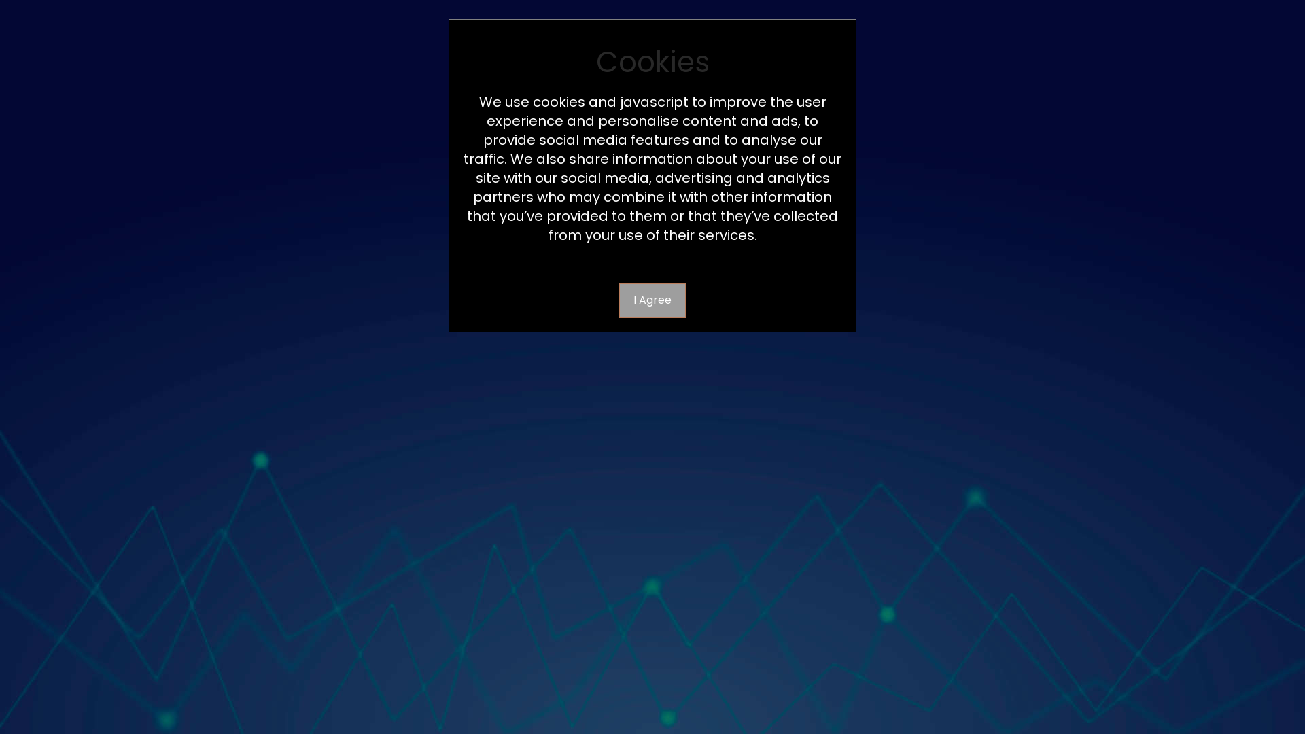  Describe the element at coordinates (652, 300) in the screenshot. I see `'I Agree'` at that location.